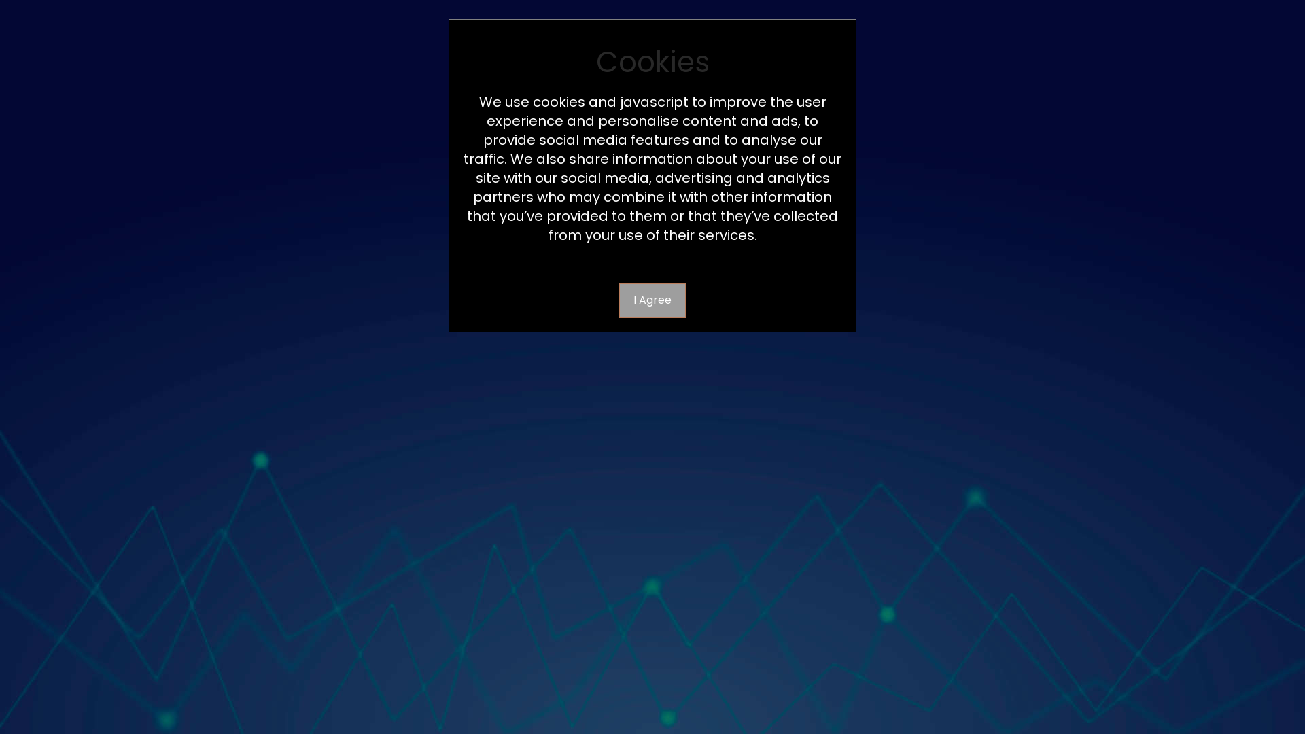  Describe the element at coordinates (652, 300) in the screenshot. I see `'I Agree'` at that location.